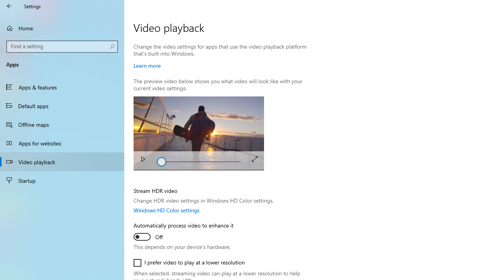 The height and width of the screenshot is (280, 497). What do you see at coordinates (147, 65) in the screenshot?
I see `'Learn more'` at bounding box center [147, 65].